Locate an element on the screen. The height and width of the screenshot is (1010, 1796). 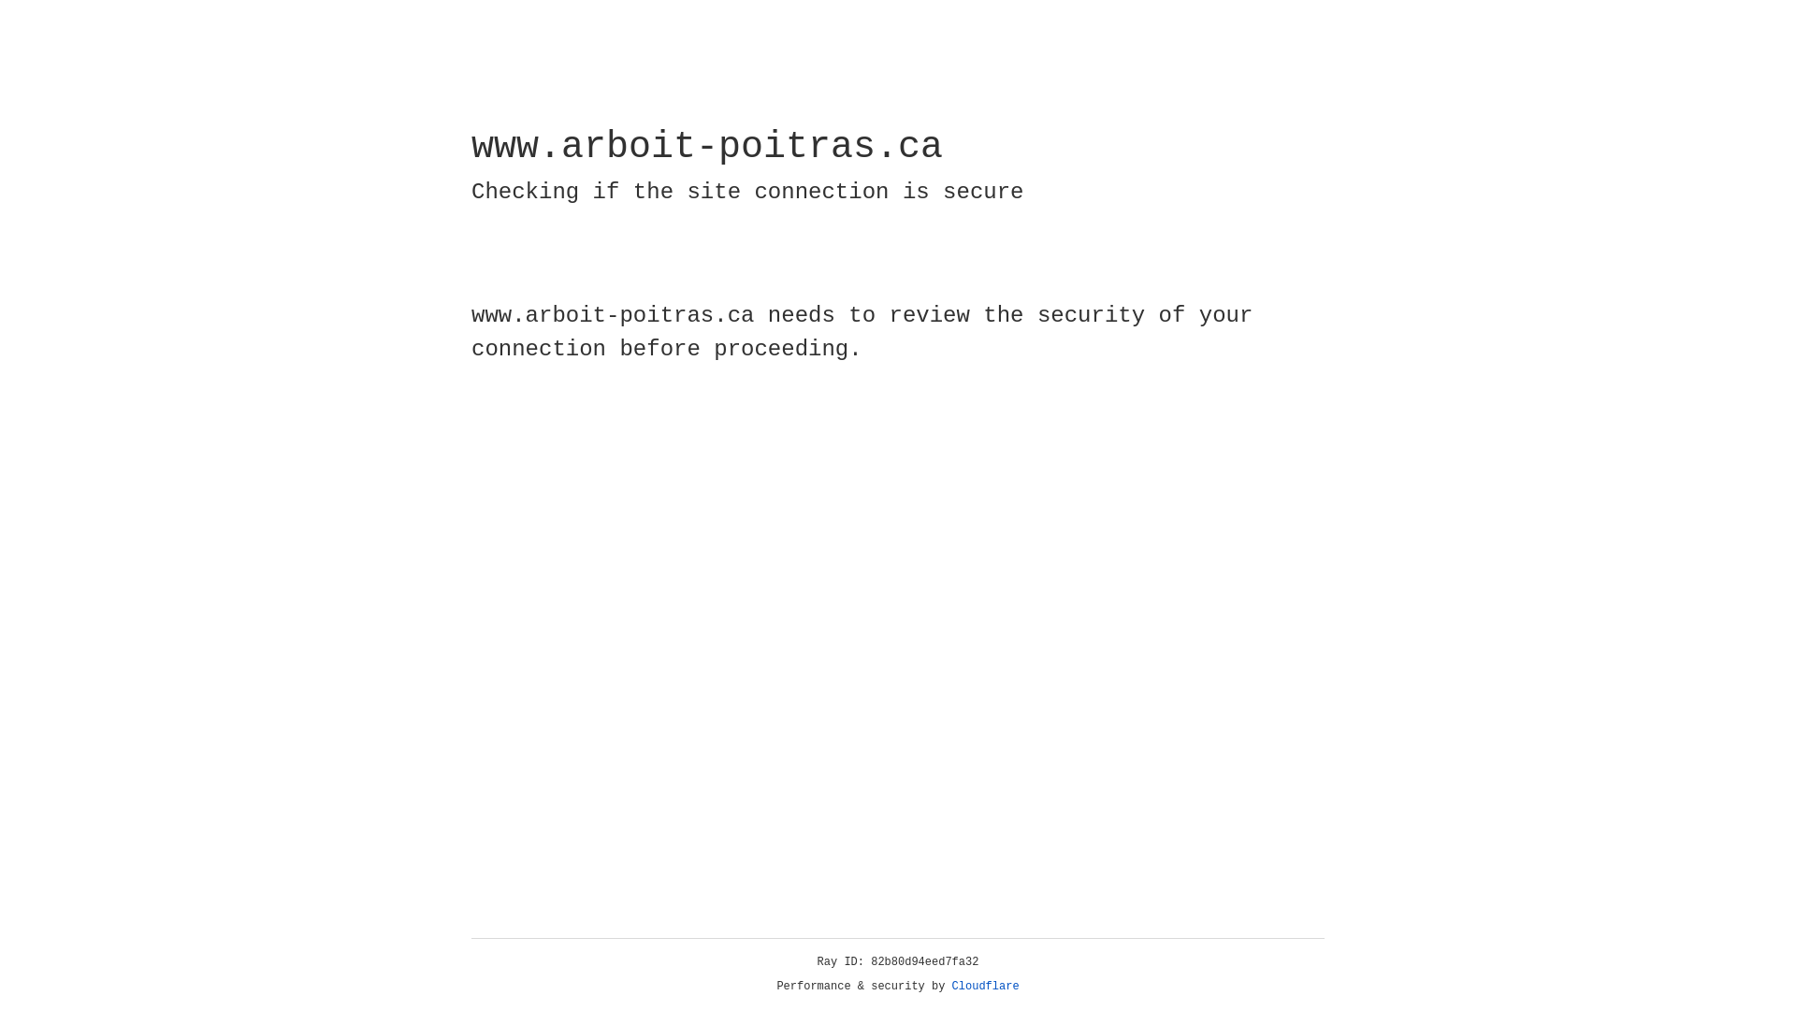
'Cloudflare' is located at coordinates (985, 986).